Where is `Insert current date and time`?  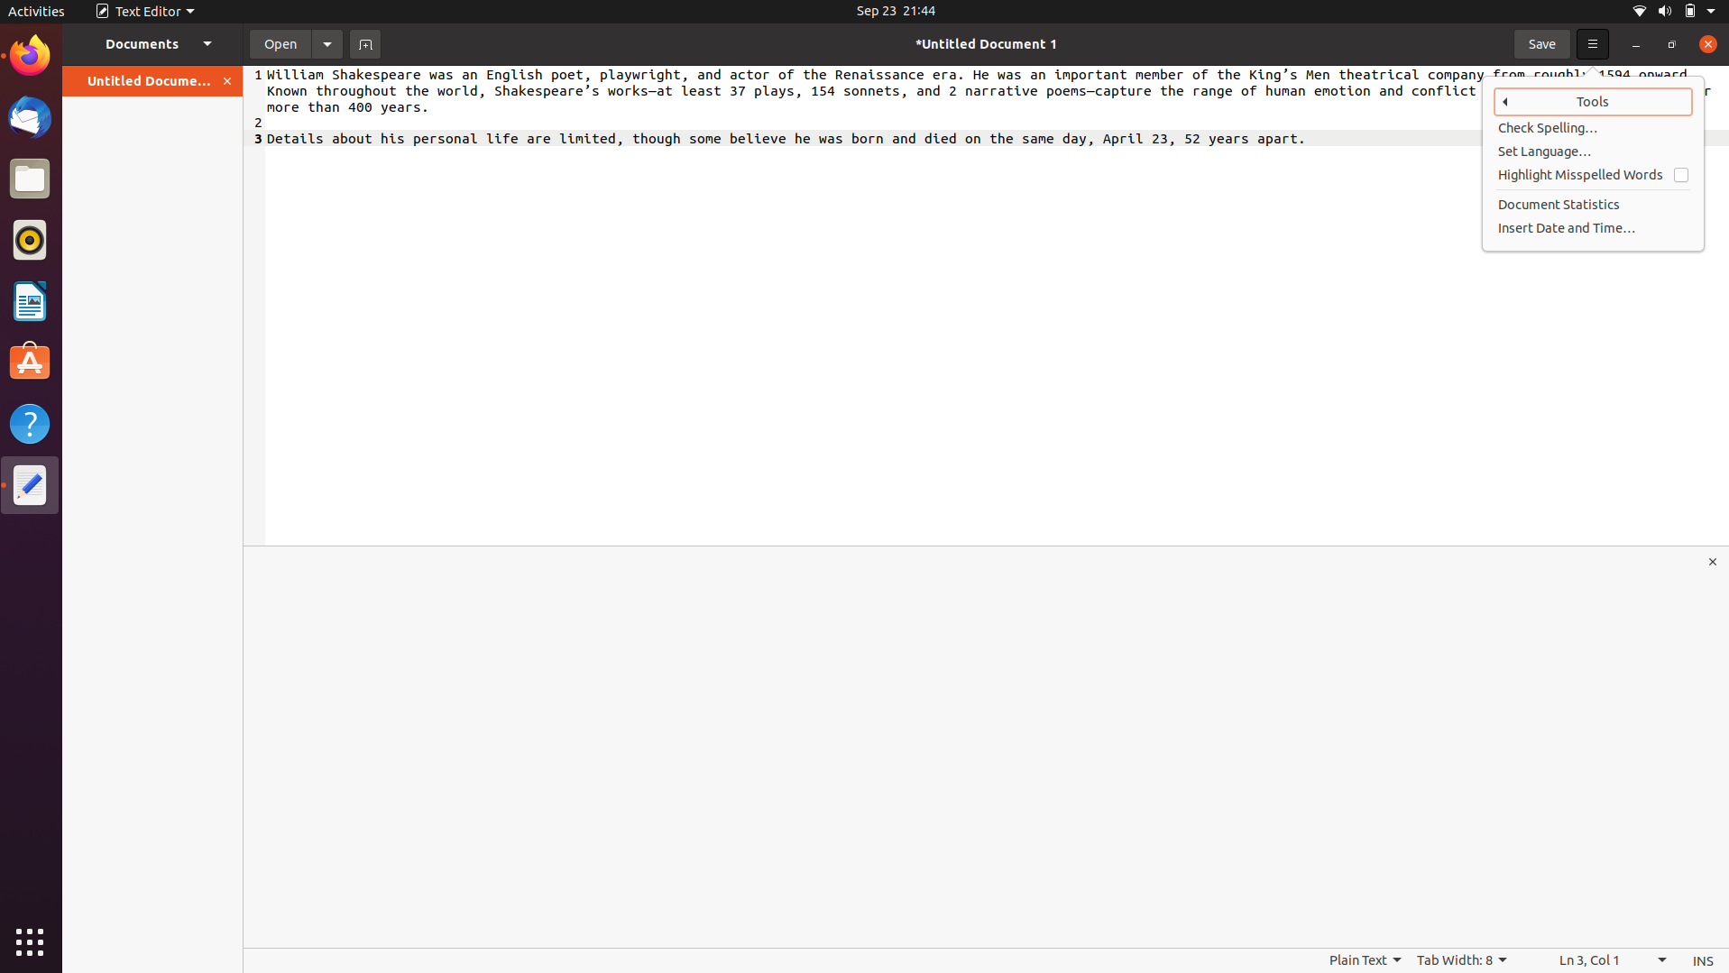
Insert current date and time is located at coordinates (1594, 226).